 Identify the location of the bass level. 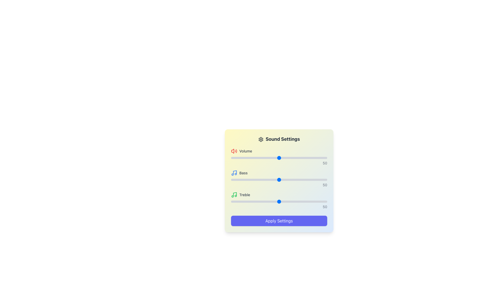
(286, 179).